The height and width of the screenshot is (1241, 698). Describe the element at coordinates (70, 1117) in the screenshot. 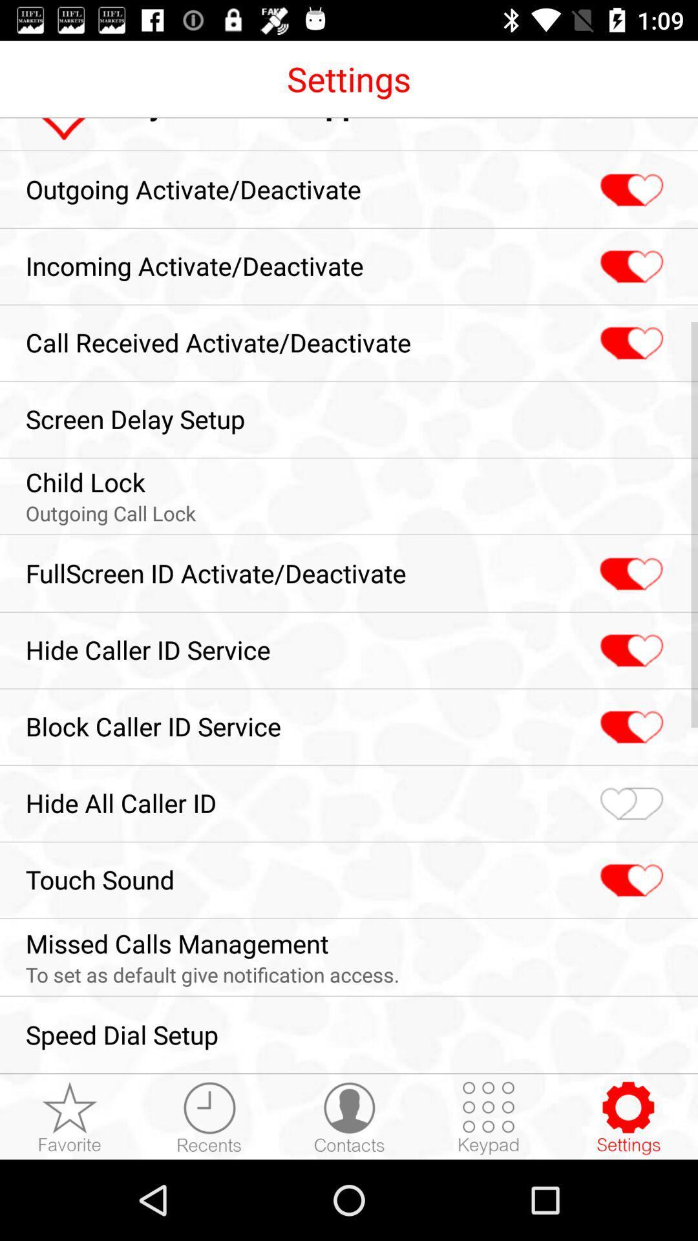

I see `the star icon` at that location.